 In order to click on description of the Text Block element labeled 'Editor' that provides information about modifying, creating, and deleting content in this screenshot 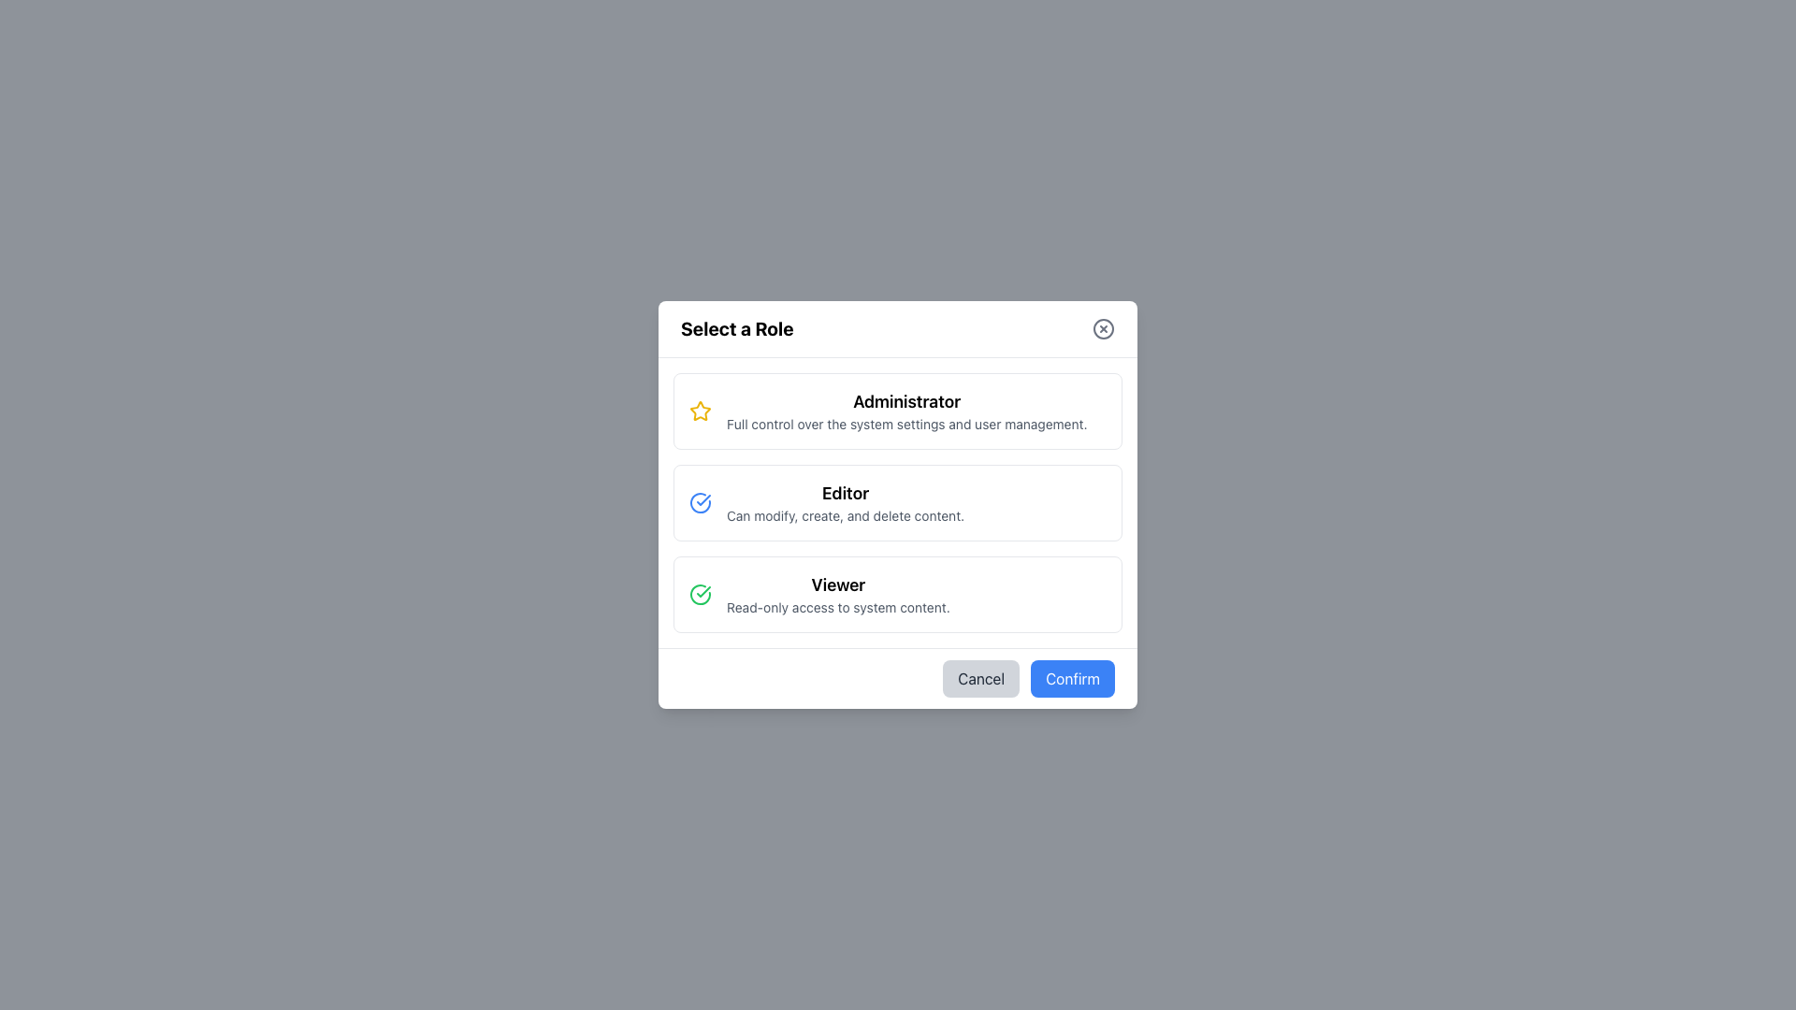, I will do `click(845, 501)`.